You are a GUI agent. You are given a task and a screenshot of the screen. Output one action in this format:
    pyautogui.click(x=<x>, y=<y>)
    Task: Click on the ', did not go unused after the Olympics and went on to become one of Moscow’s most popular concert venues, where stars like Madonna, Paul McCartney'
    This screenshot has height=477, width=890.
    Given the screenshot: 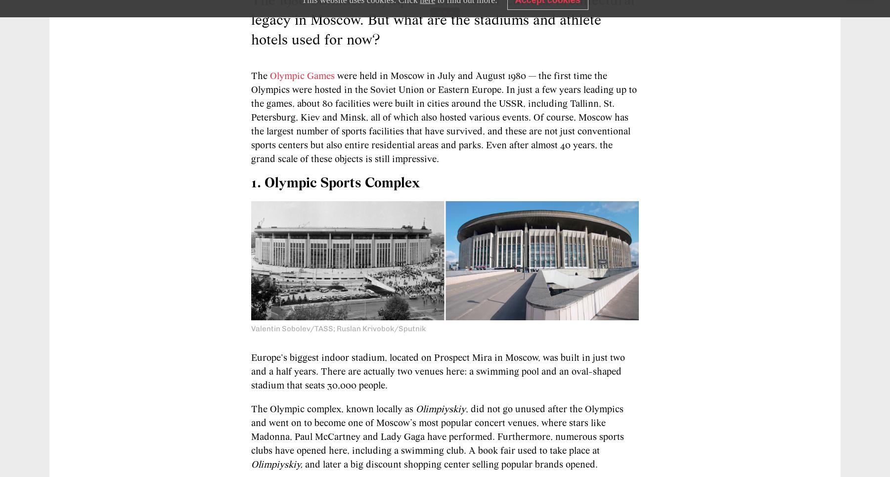 What is the action you would take?
    pyautogui.click(x=437, y=423)
    